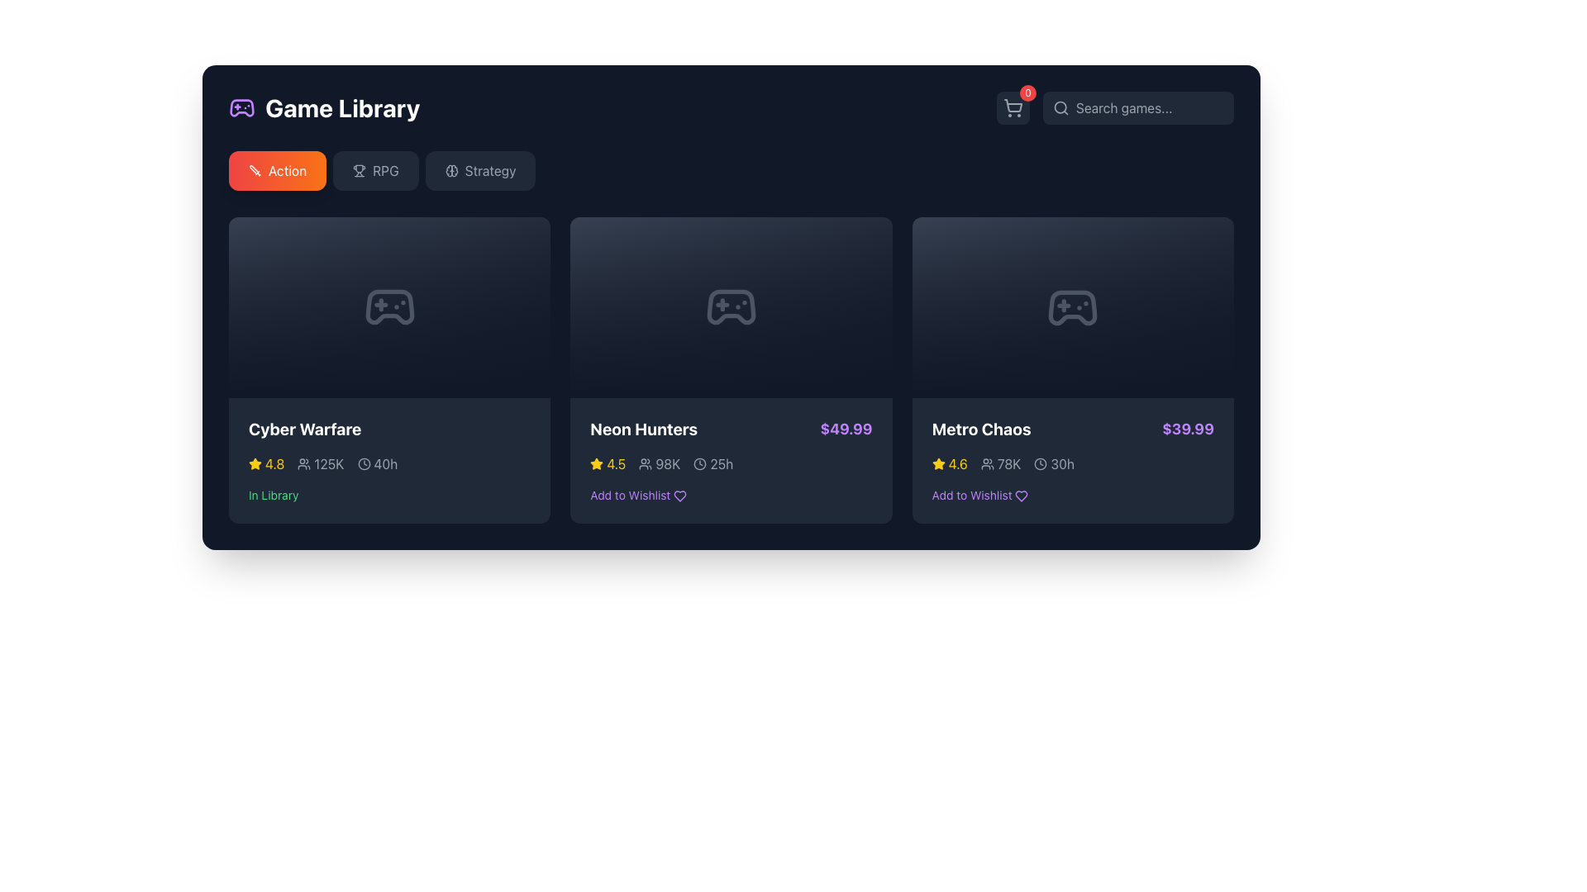 Image resolution: width=1587 pixels, height=892 pixels. Describe the element at coordinates (479, 171) in the screenshot. I see `the rectangular button with rounded edges labeled 'Strategy'` at that location.